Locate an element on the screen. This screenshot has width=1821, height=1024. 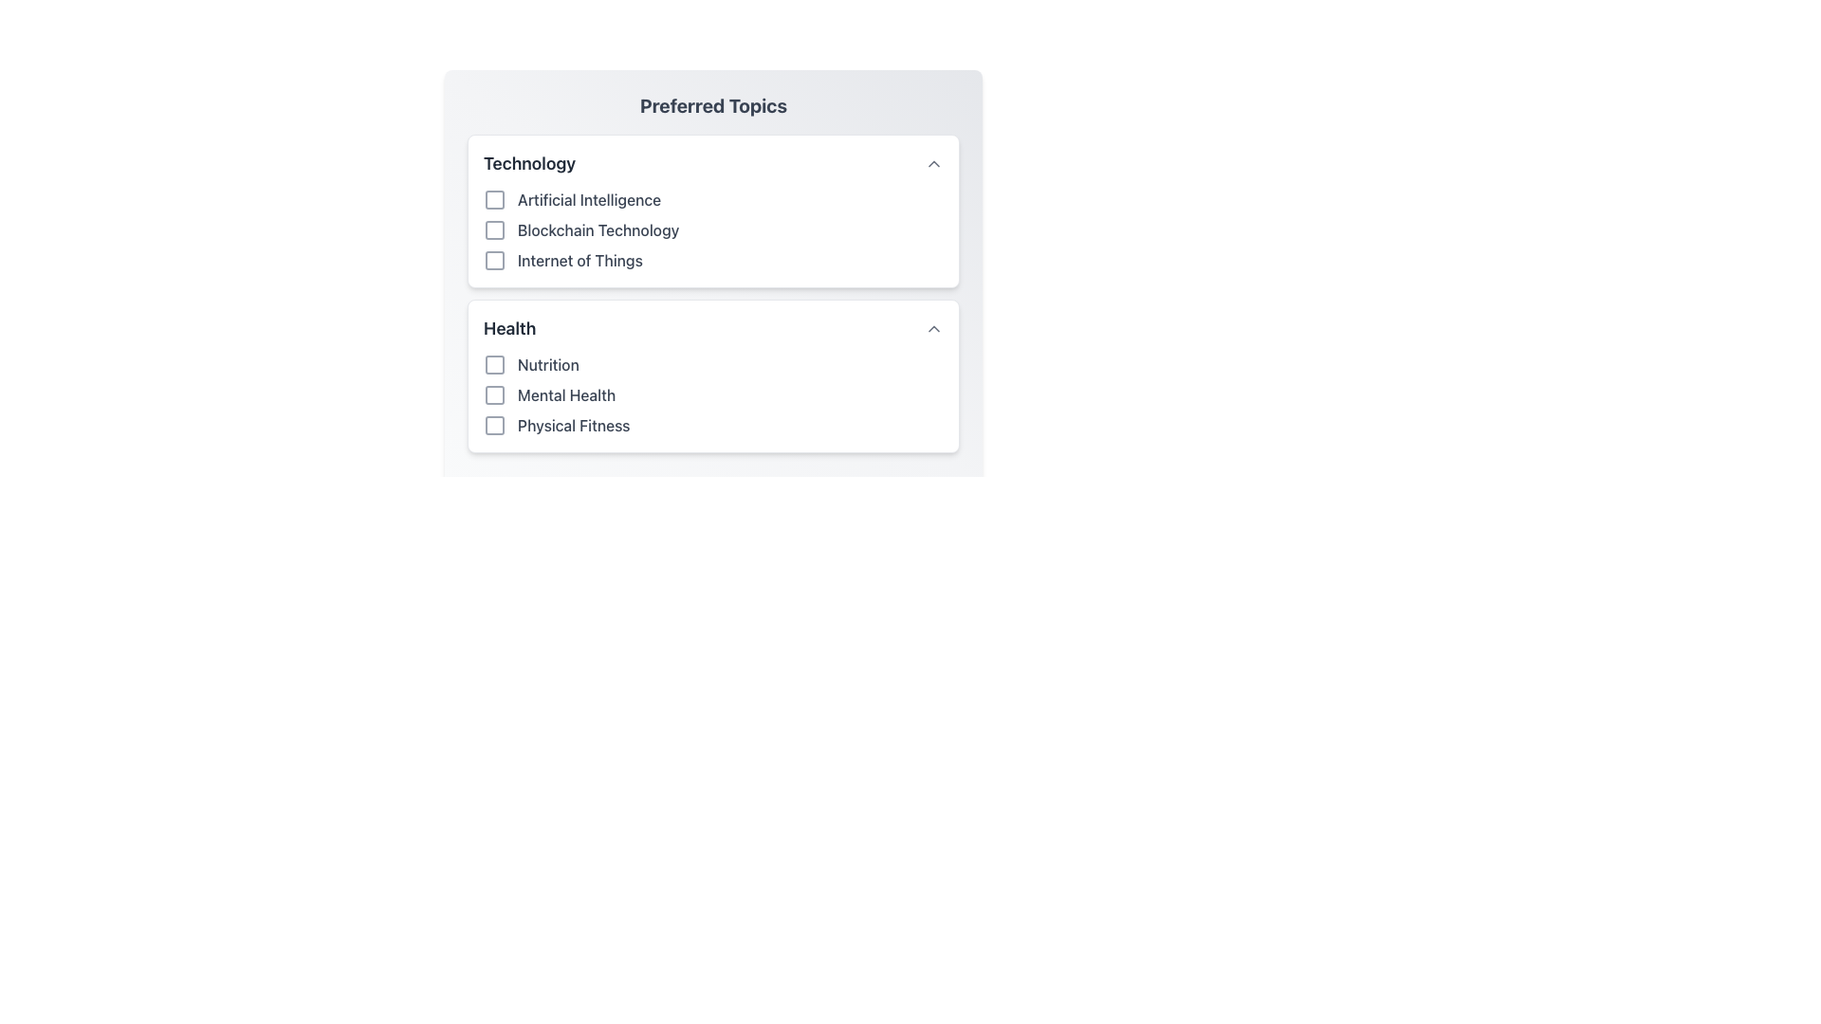
the unselected checkbox labeled 'Blockchain Technology' is located at coordinates (712, 229).